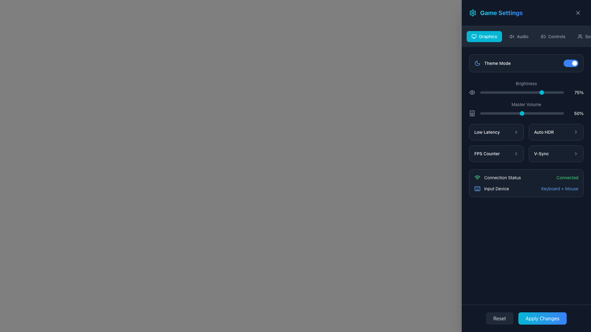 The image size is (591, 332). I want to click on the 'Audio' button with a dark gray background and light gray text in the 'Game Settings' panel, so click(518, 37).